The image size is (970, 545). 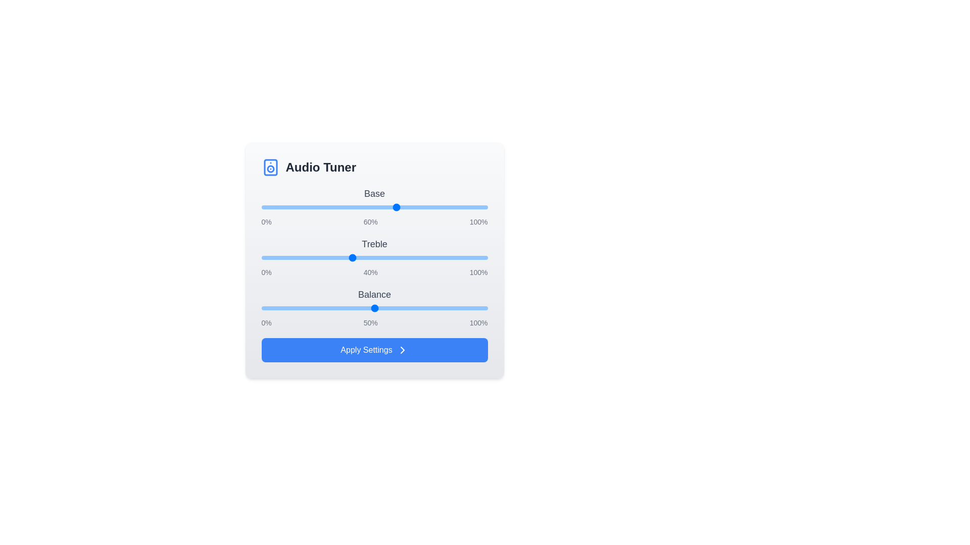 I want to click on the 1 slider to 27%, so click(x=322, y=257).